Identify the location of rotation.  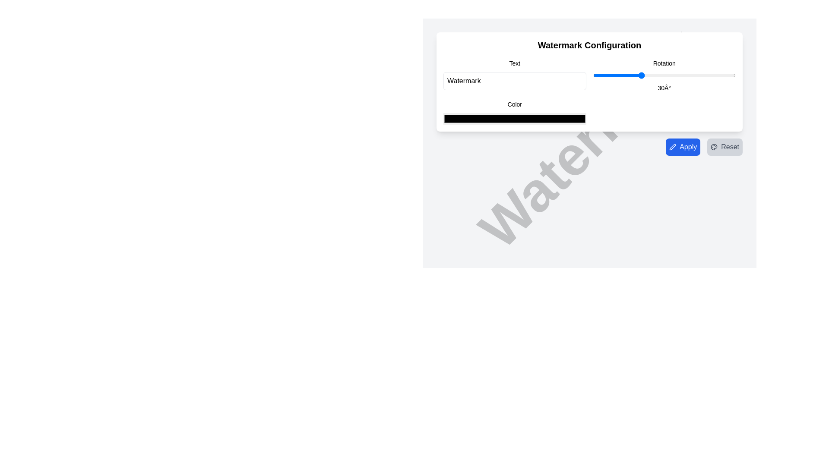
(715, 75).